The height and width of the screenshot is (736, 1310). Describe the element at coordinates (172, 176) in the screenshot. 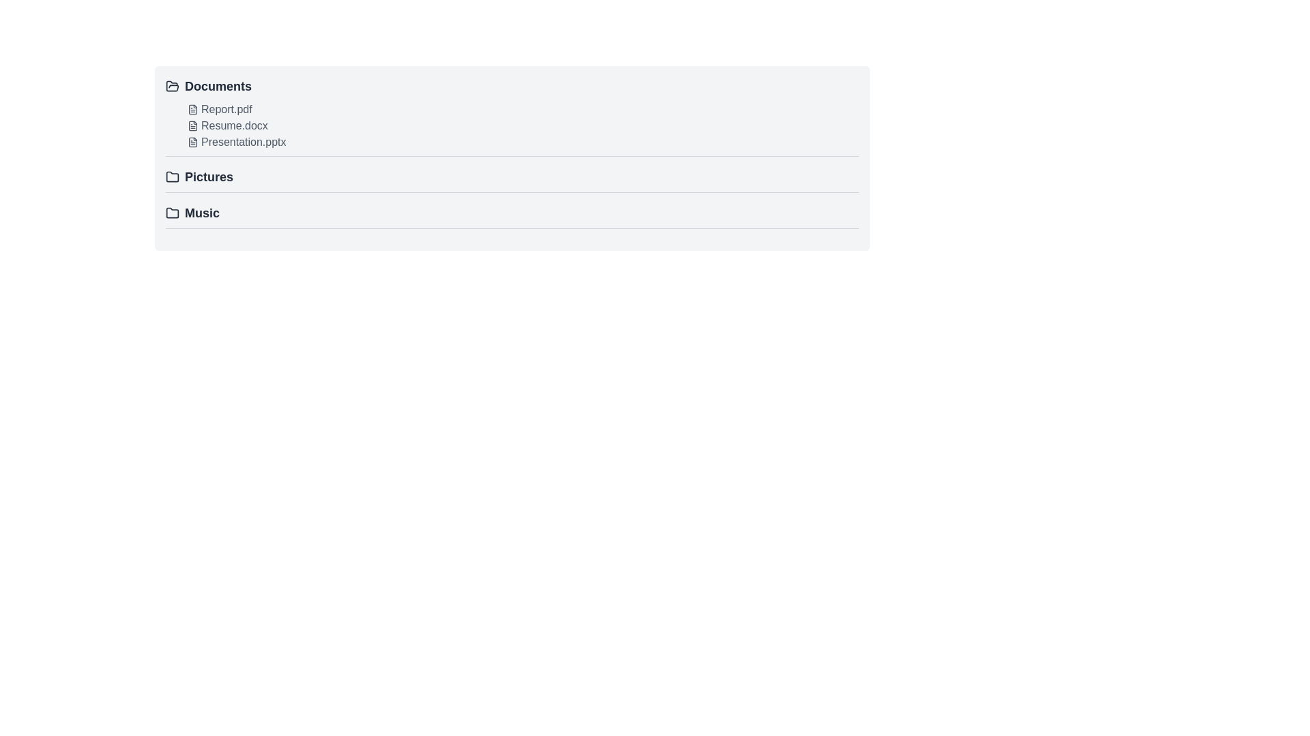

I see `the visual indicator icon for the 'Pictures' folder` at that location.